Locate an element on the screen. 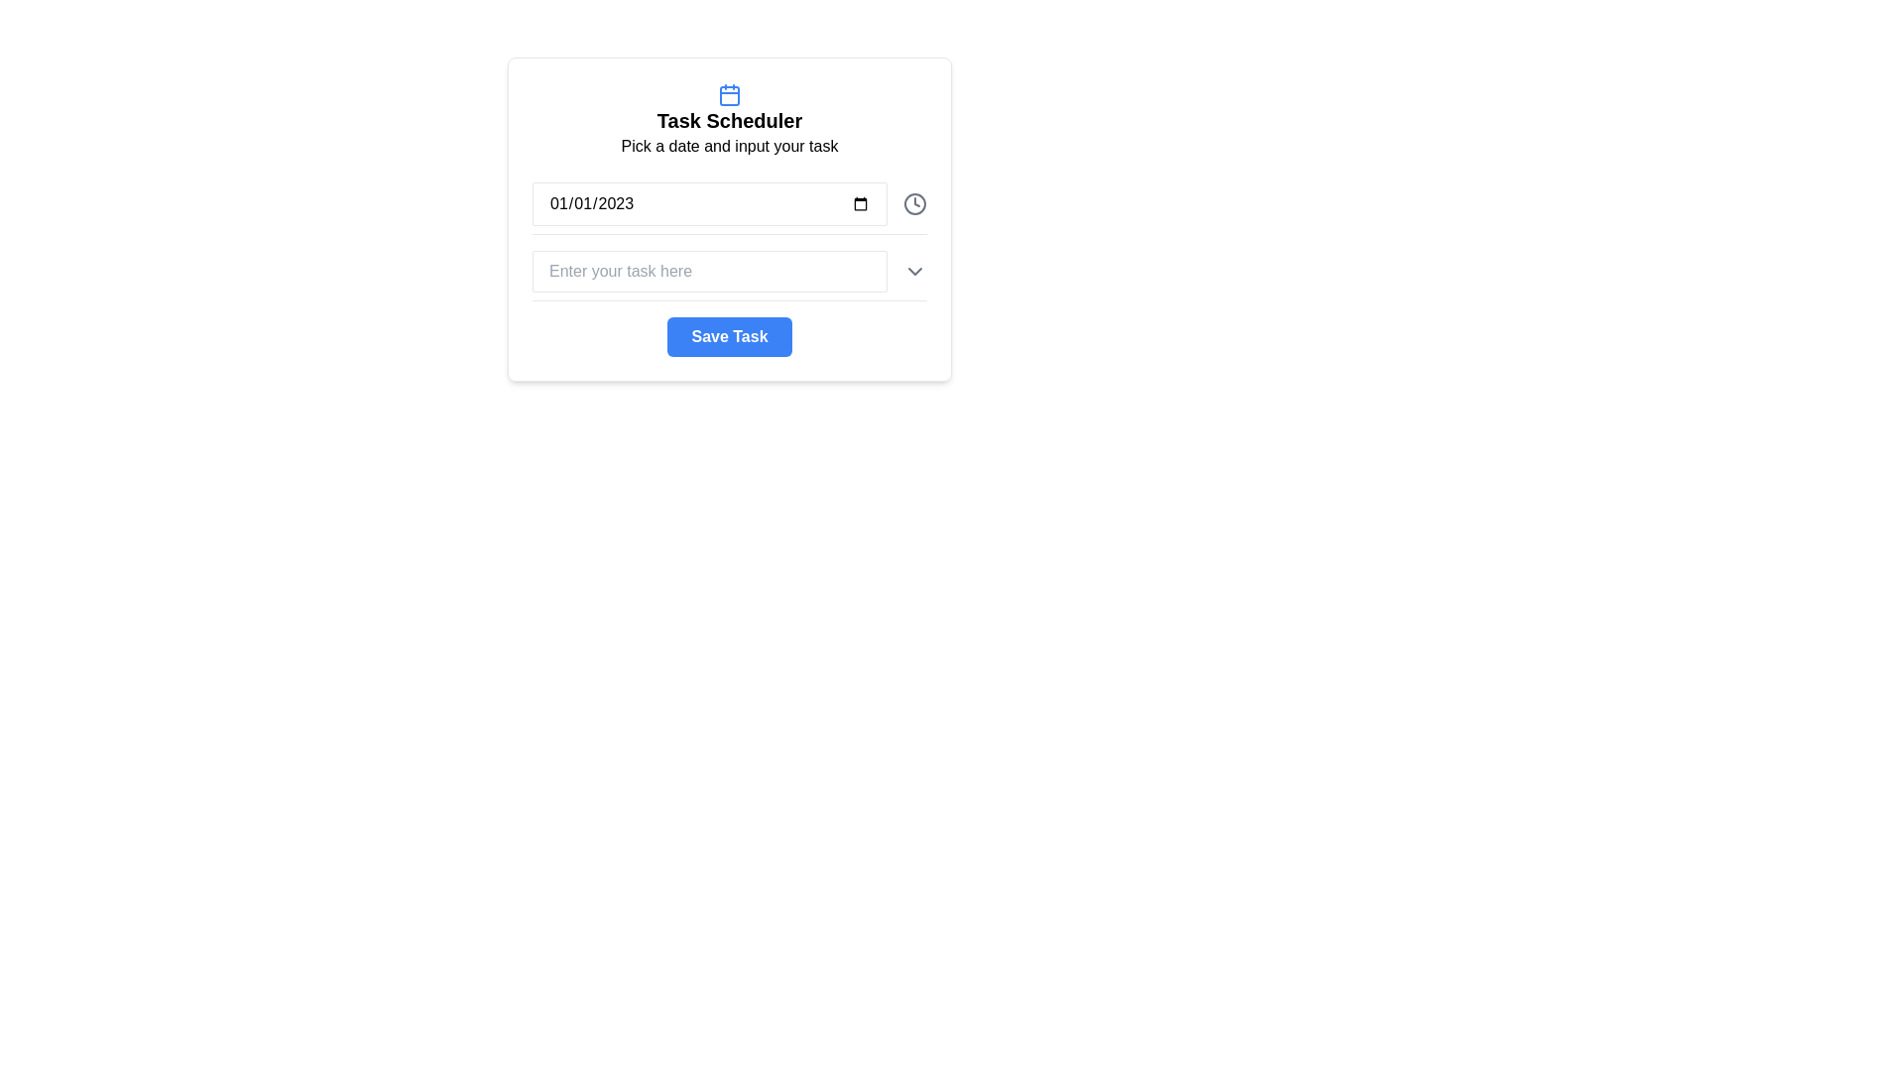 Image resolution: width=1904 pixels, height=1071 pixels. the submit button located at the bottom of the form is located at coordinates (728, 335).